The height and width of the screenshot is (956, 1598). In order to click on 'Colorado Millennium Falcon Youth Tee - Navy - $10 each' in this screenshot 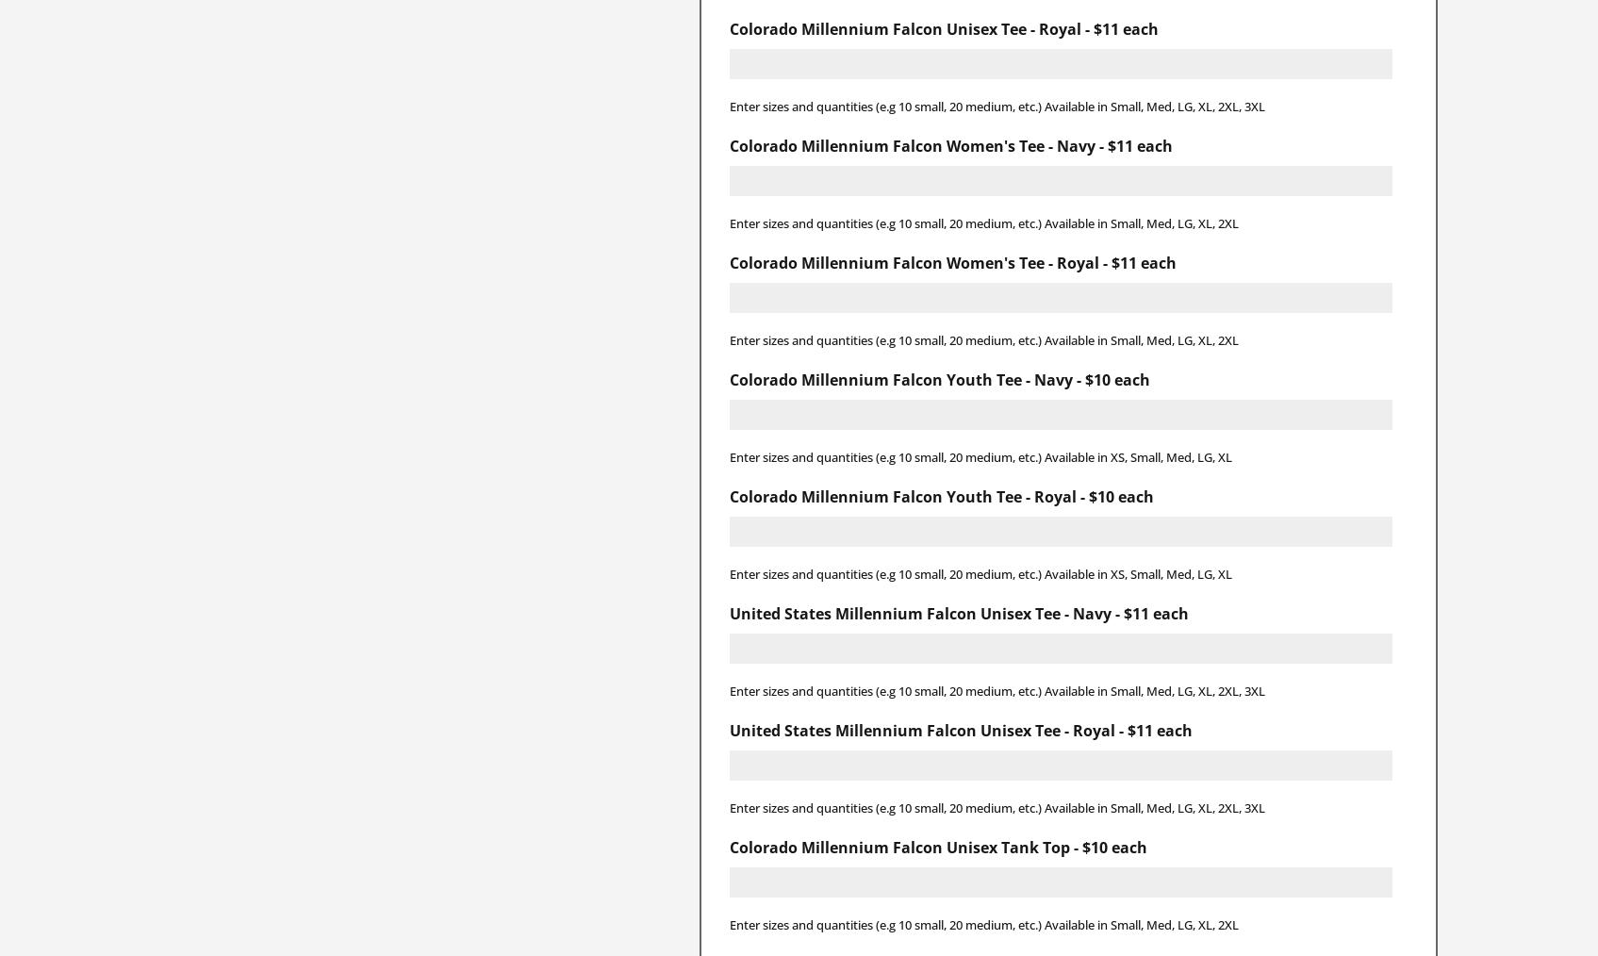, I will do `click(937, 377)`.